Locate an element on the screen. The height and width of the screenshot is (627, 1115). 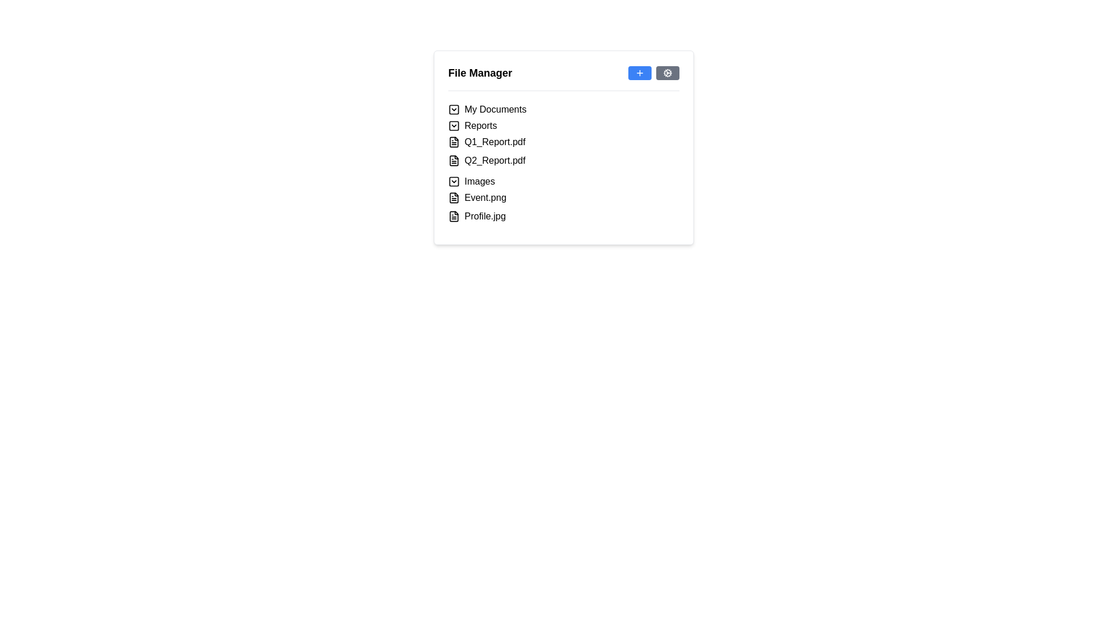
the text label identifying the file named 'Event.png', which is situated in the file manager list between the 'Images' folder and 'Profile.jpg' file is located at coordinates (485, 197).